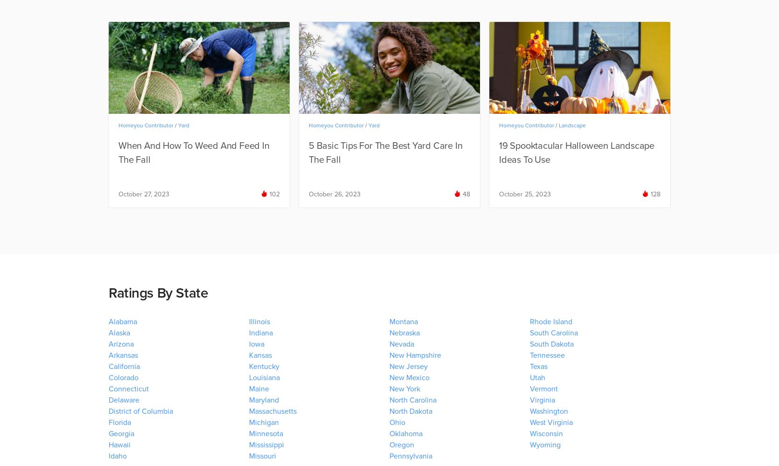 This screenshot has height=466, width=779. Describe the element at coordinates (529, 445) in the screenshot. I see `'Wyoming'` at that location.